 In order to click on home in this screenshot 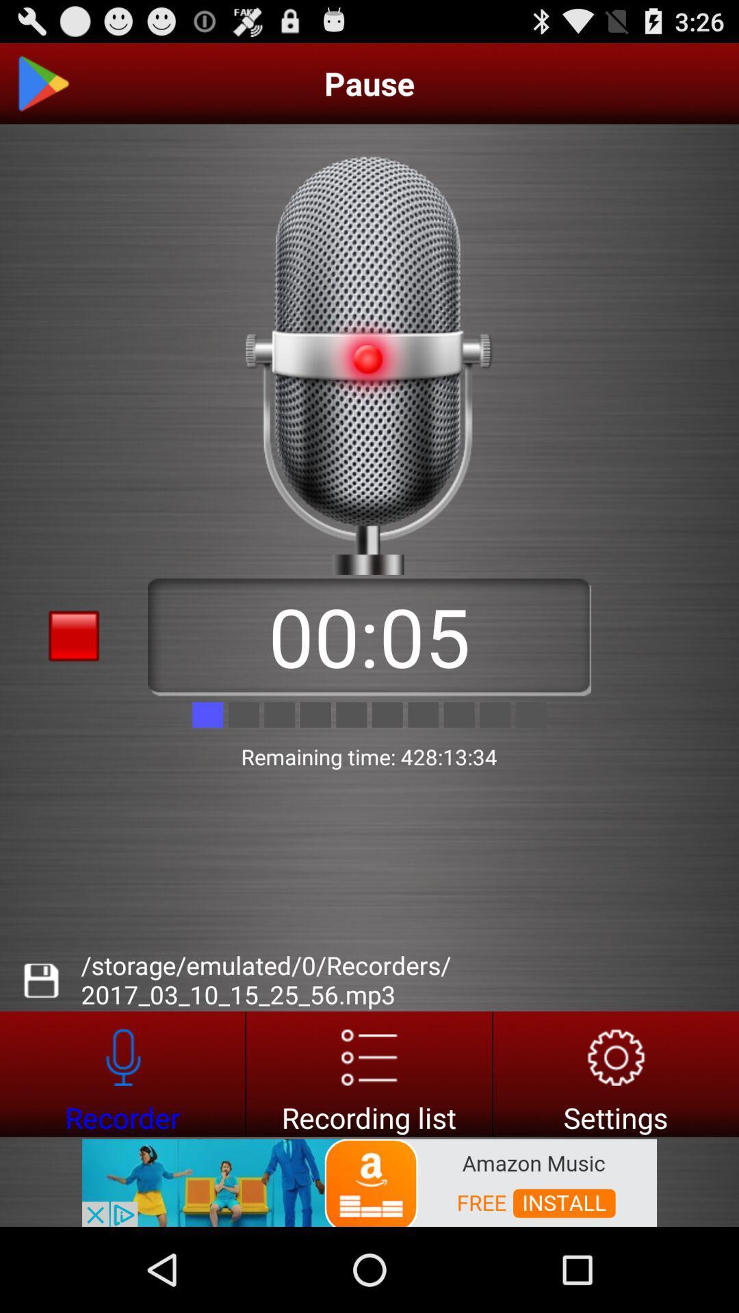, I will do `click(42, 83)`.